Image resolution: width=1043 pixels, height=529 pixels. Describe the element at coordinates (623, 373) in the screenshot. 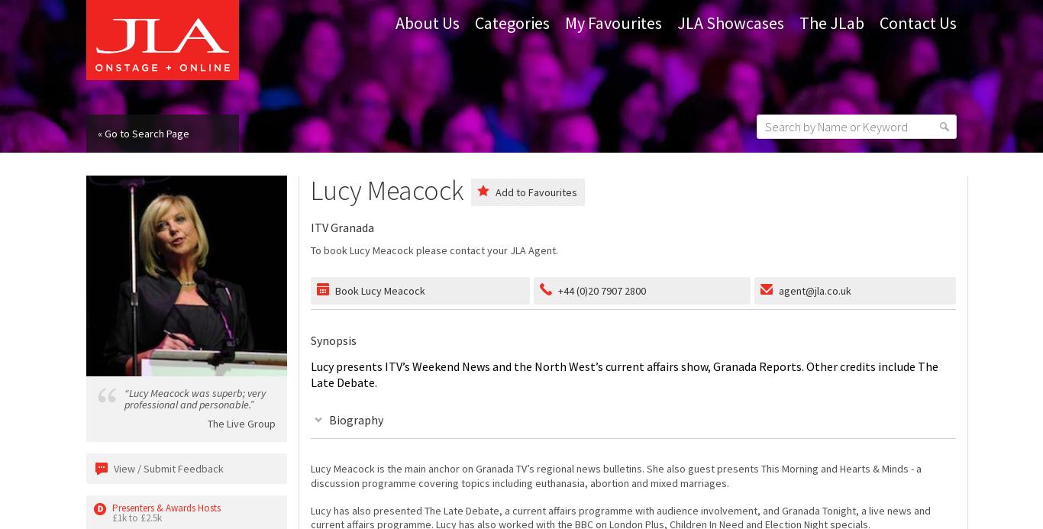

I see `'Lucy presents ITV’s Weekend News and the North West’s current affairs show, Granada Reports. Other credits include The Late Debate.'` at that location.